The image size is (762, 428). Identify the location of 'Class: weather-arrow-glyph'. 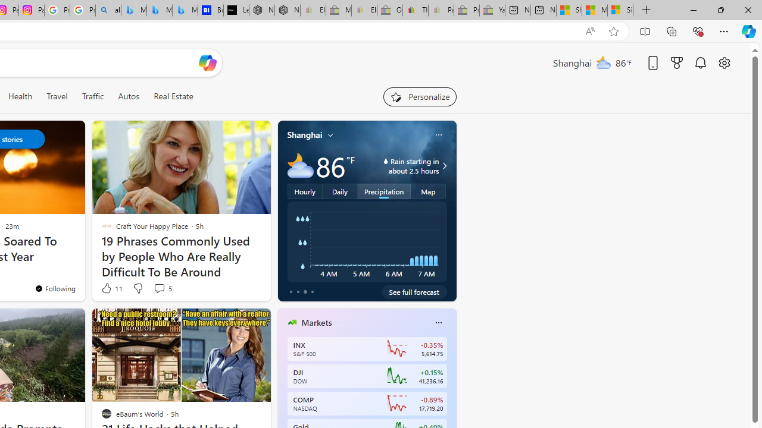
(444, 166).